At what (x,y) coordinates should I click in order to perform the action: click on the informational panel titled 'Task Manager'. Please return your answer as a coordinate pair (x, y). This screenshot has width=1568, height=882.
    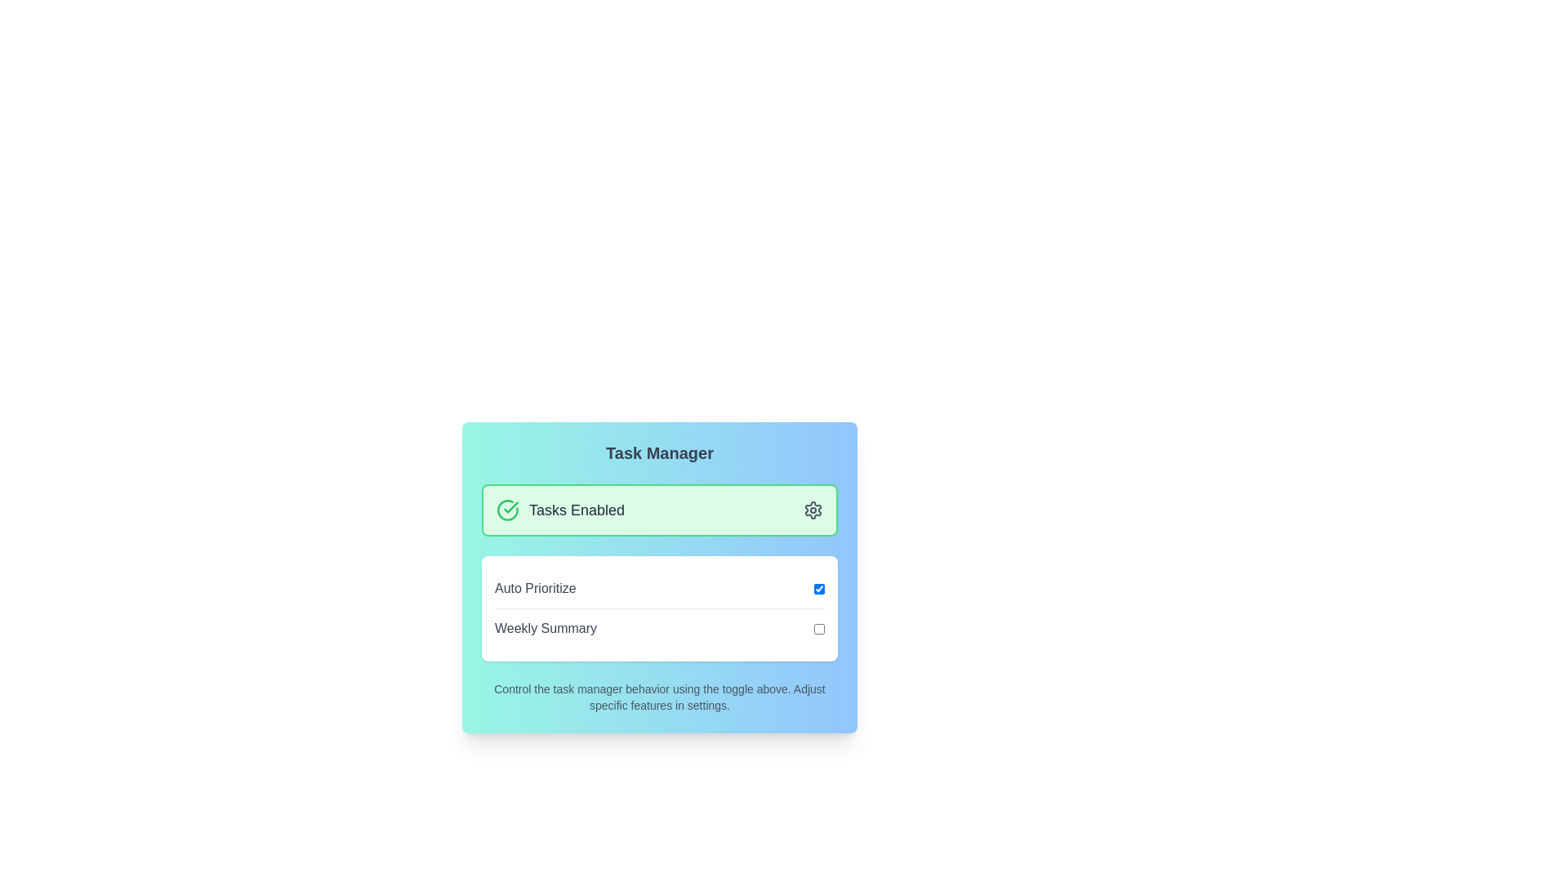
    Looking at the image, I should click on (659, 614).